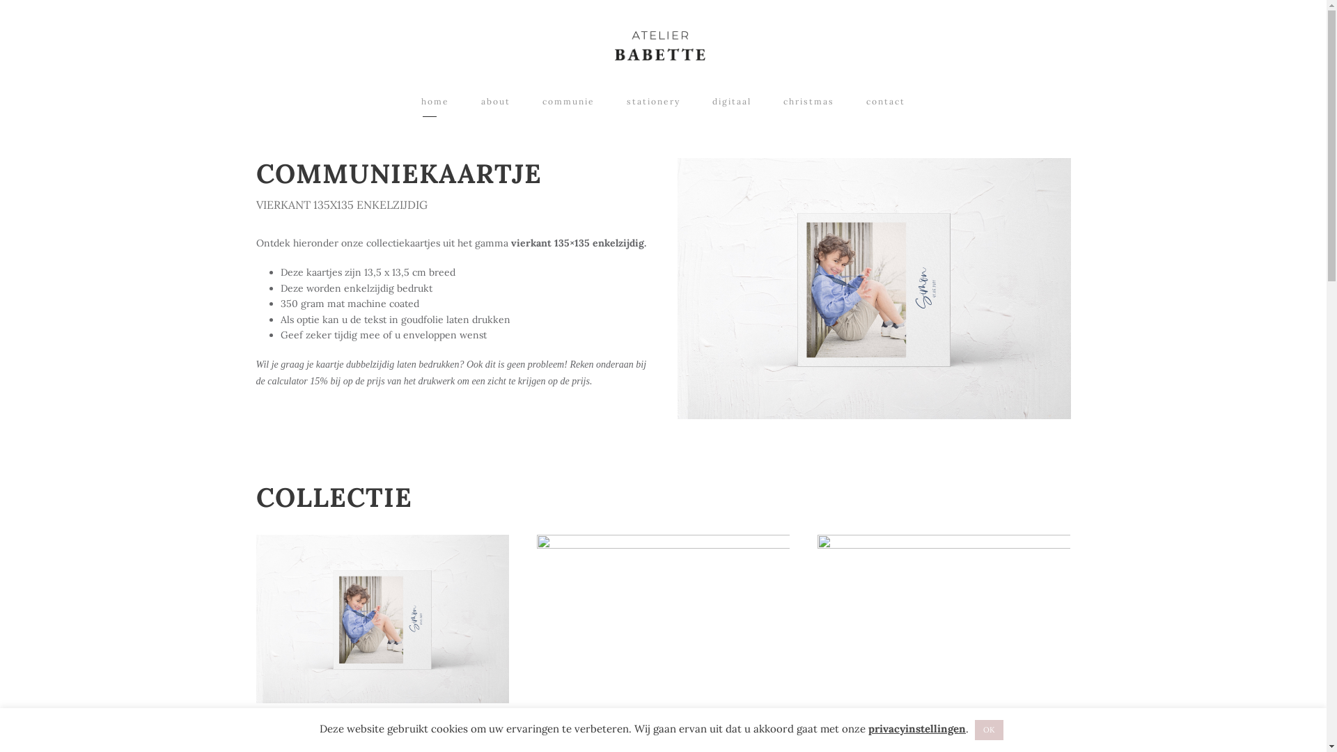  Describe the element at coordinates (568, 104) in the screenshot. I see `'communie'` at that location.